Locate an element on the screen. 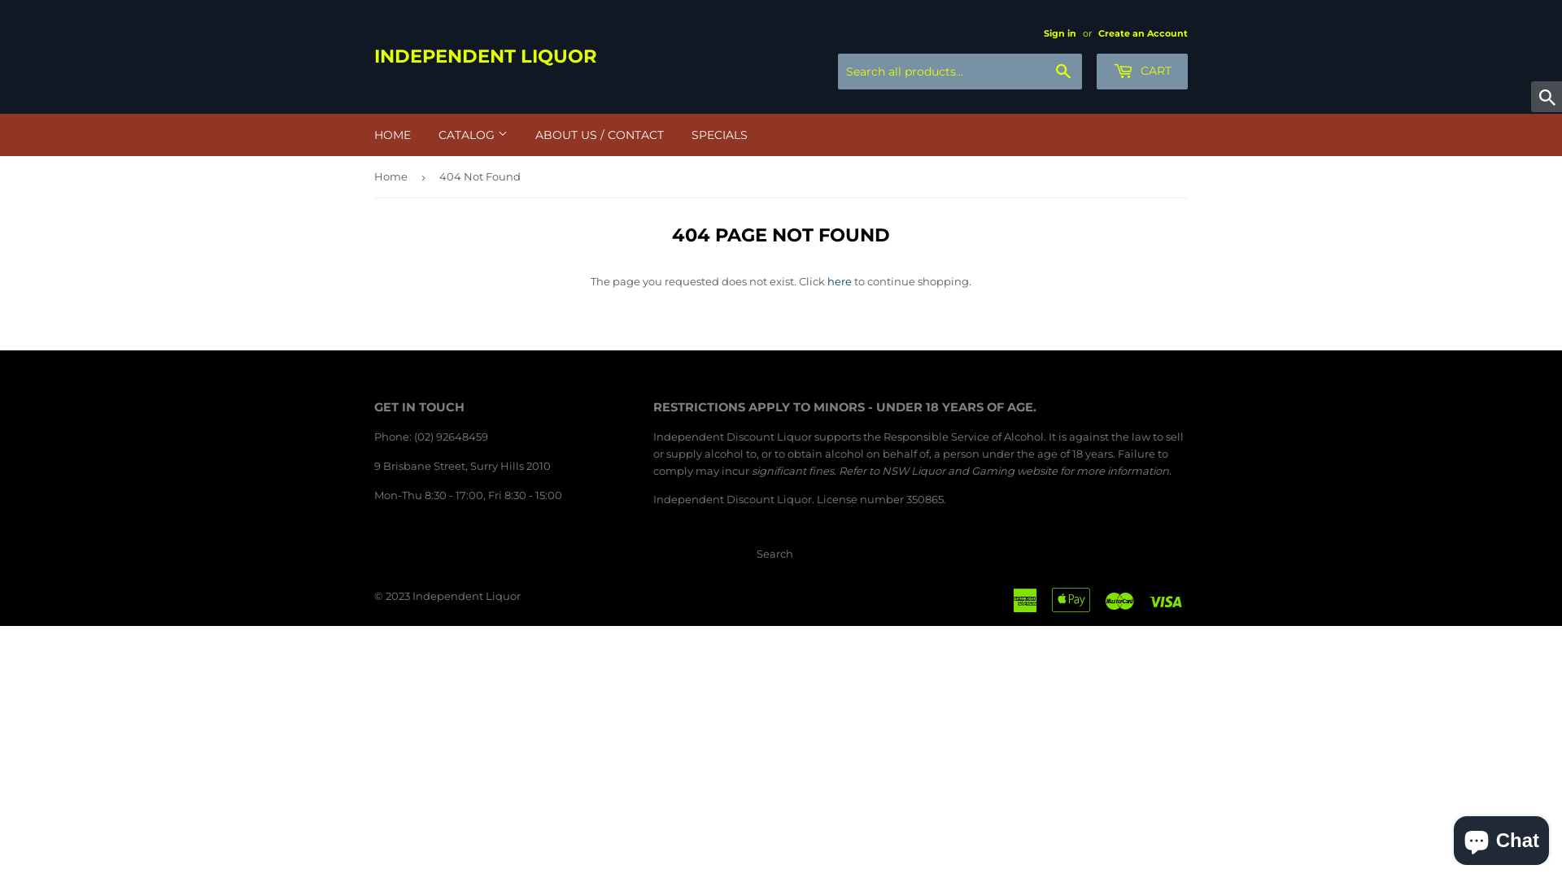 The width and height of the screenshot is (1562, 878). 'here' is located at coordinates (840, 280).